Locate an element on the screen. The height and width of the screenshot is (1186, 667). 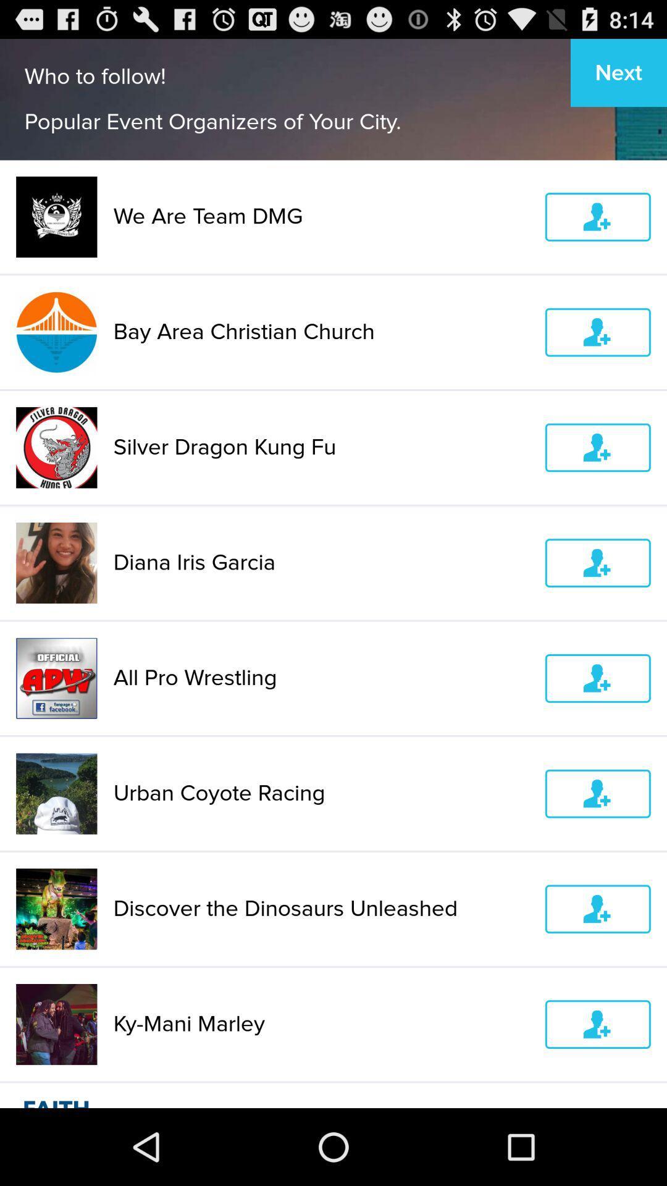
the icon above ky-mani marley is located at coordinates (321, 909).